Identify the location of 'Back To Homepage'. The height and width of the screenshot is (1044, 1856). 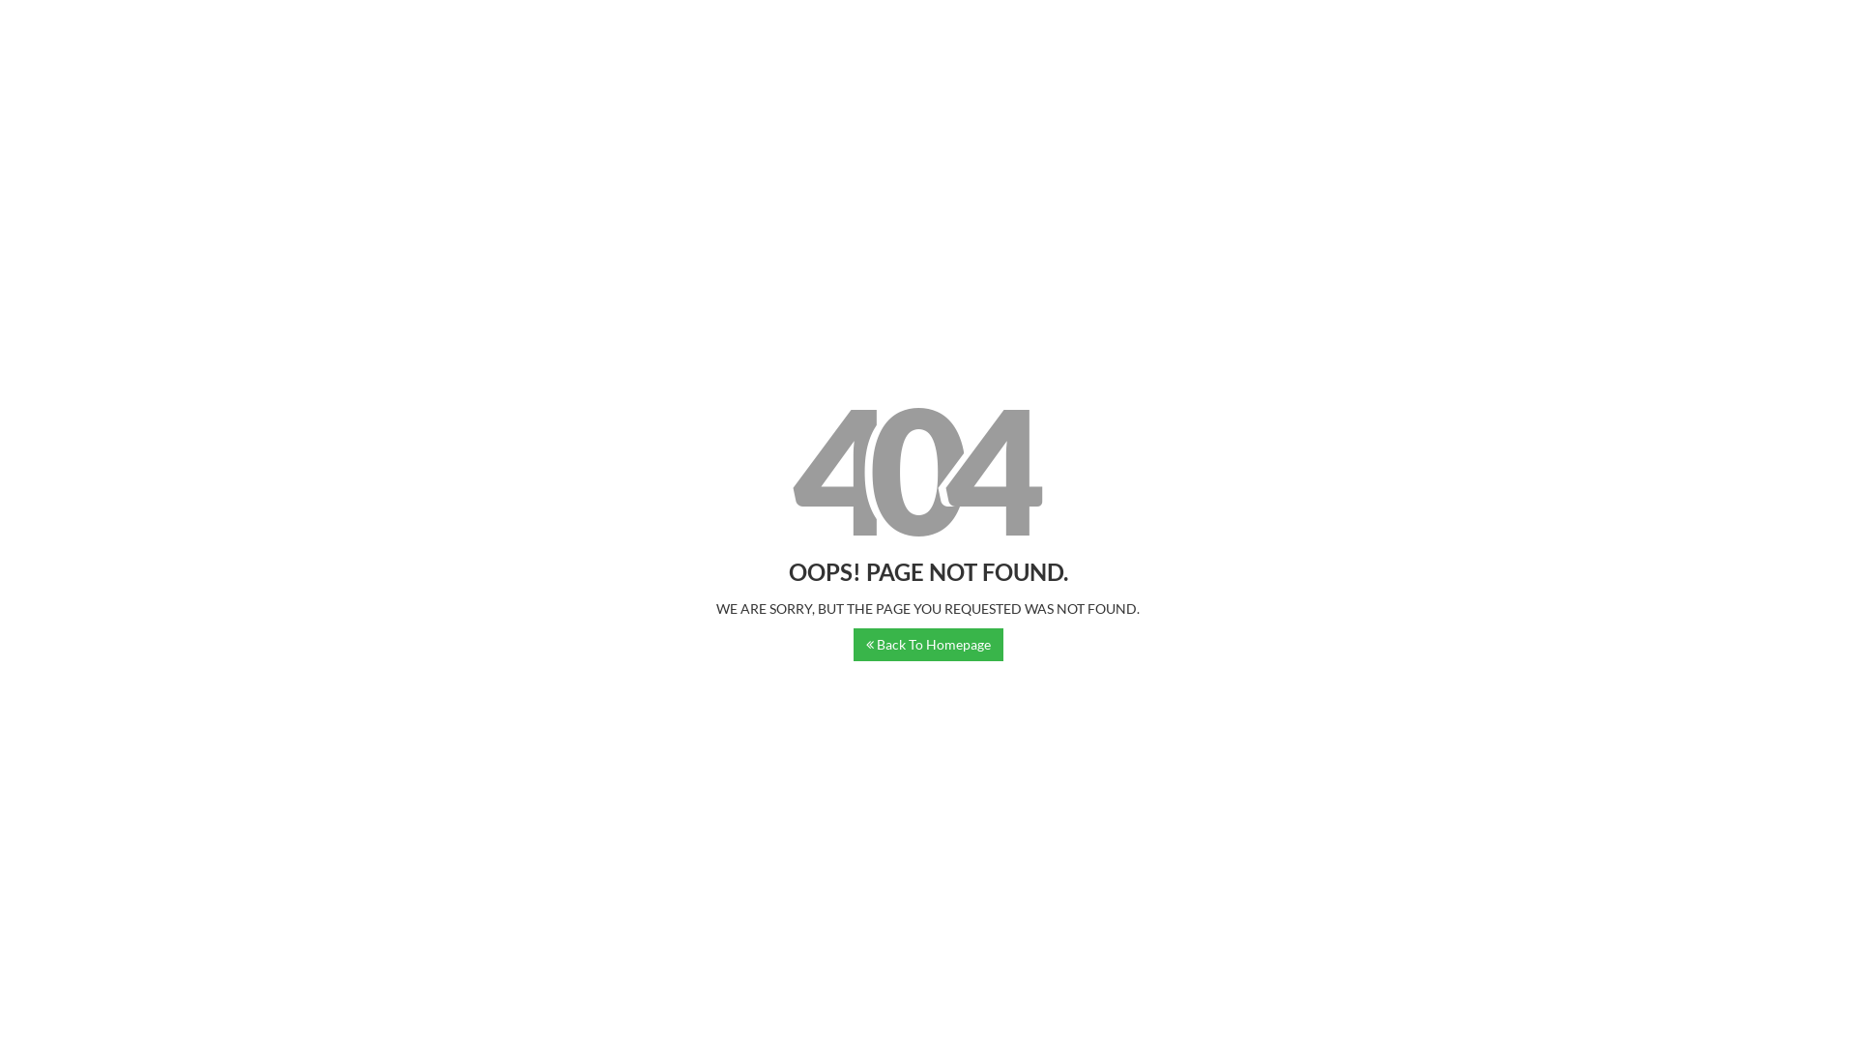
(853, 645).